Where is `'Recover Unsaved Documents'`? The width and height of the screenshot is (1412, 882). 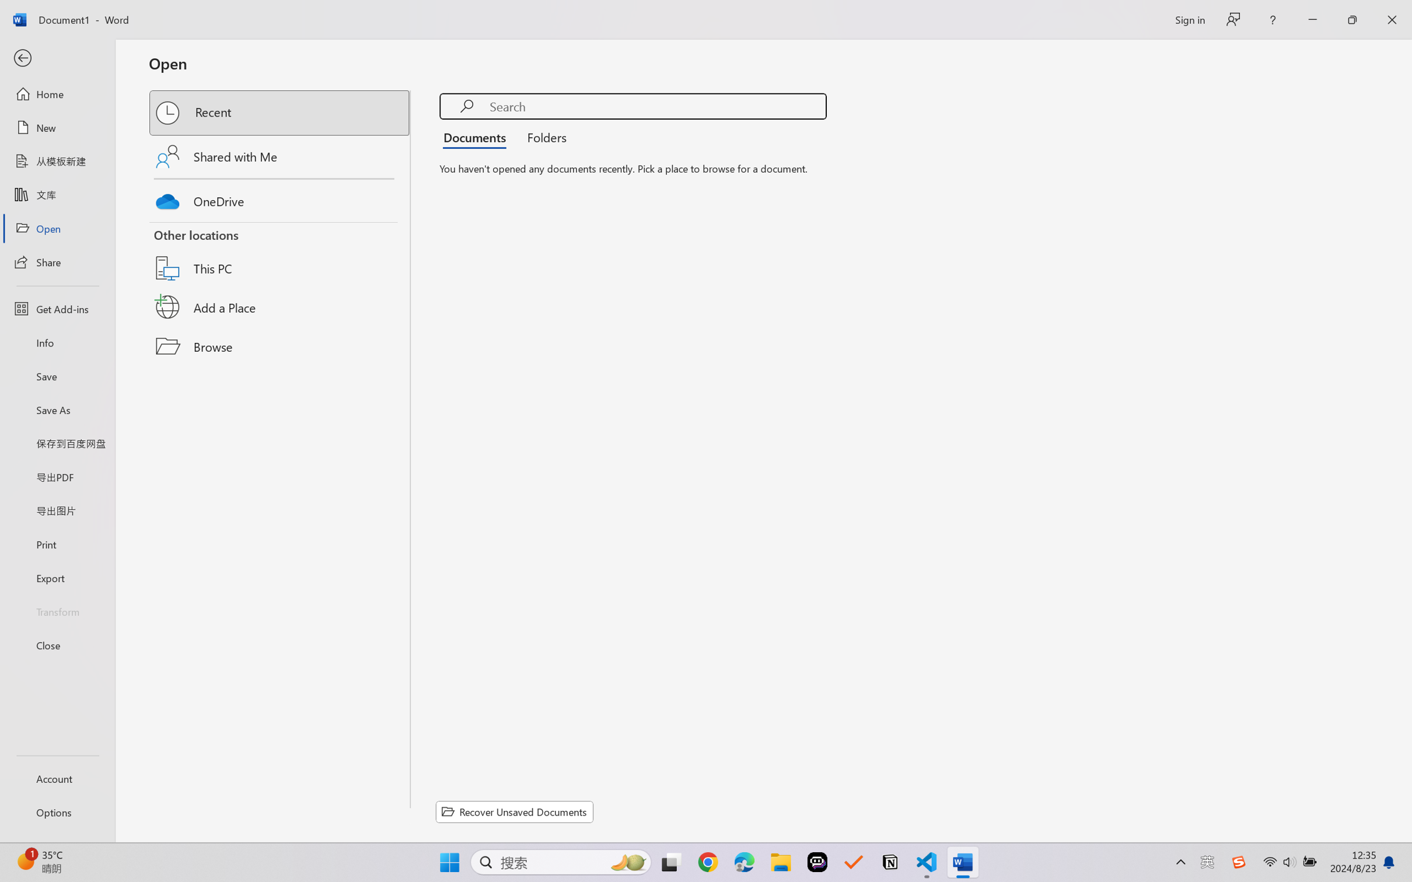
'Recover Unsaved Documents' is located at coordinates (515, 811).